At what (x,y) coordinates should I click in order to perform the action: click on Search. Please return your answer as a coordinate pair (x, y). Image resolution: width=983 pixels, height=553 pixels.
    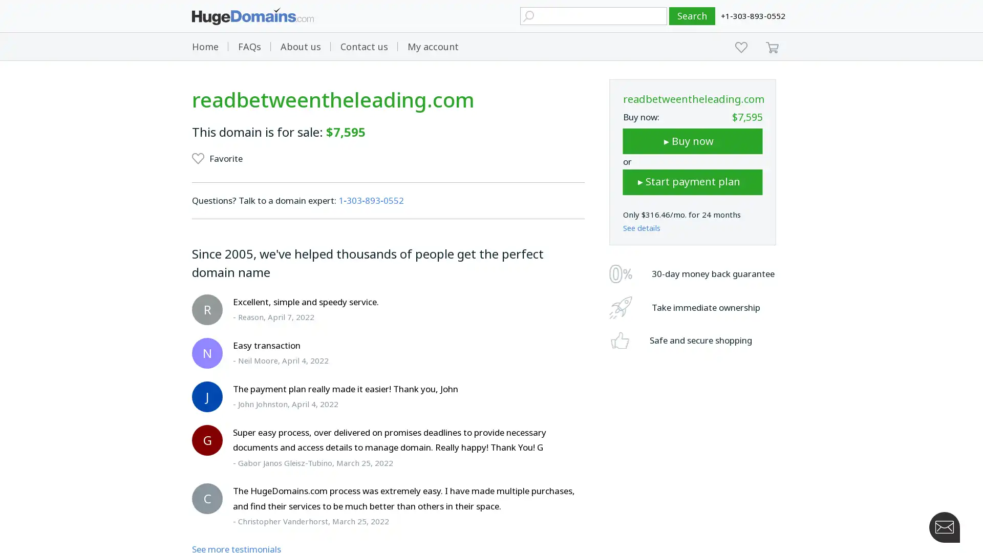
    Looking at the image, I should click on (692, 16).